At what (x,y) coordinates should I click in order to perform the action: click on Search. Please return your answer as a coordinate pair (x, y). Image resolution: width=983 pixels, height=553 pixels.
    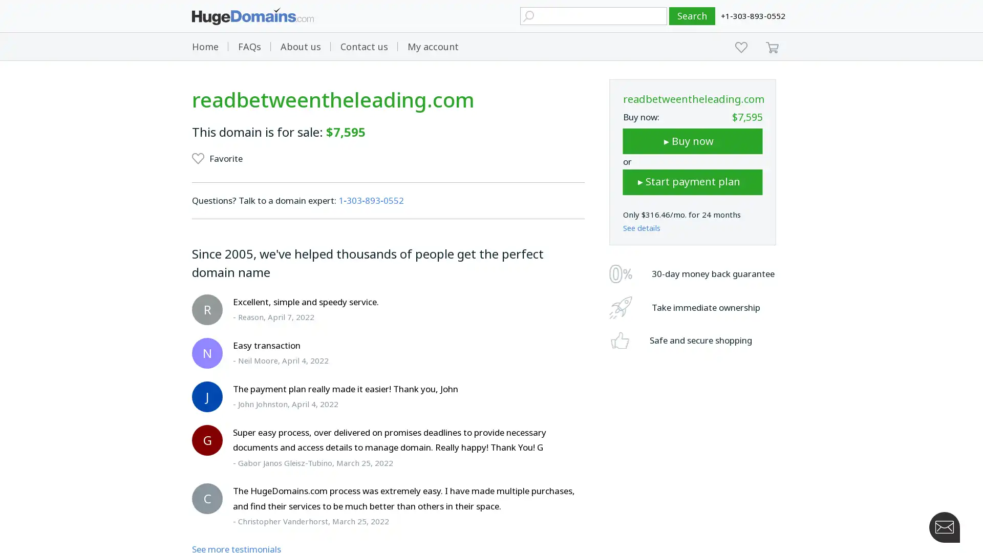
    Looking at the image, I should click on (692, 16).